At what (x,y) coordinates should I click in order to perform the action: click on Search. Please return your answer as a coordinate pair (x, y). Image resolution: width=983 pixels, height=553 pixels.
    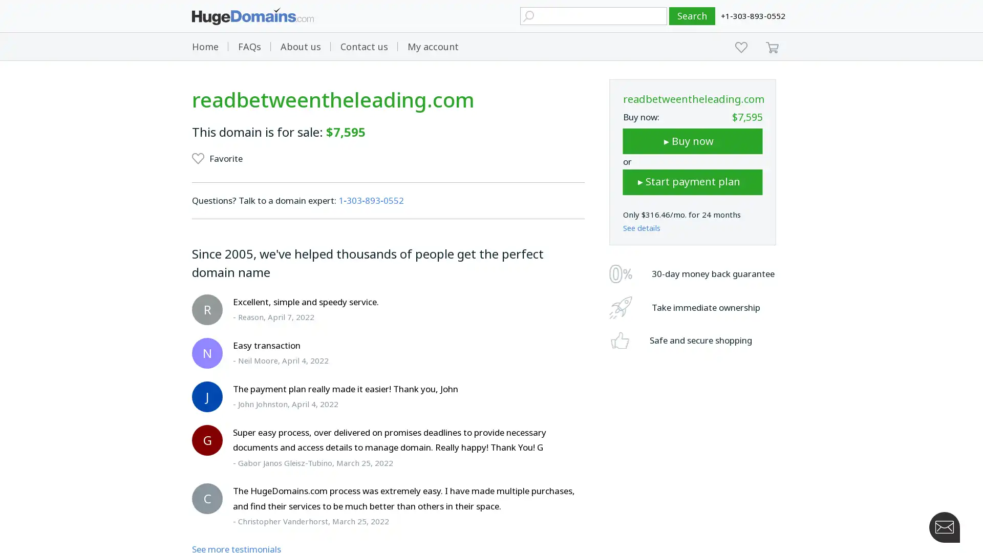
    Looking at the image, I should click on (692, 16).